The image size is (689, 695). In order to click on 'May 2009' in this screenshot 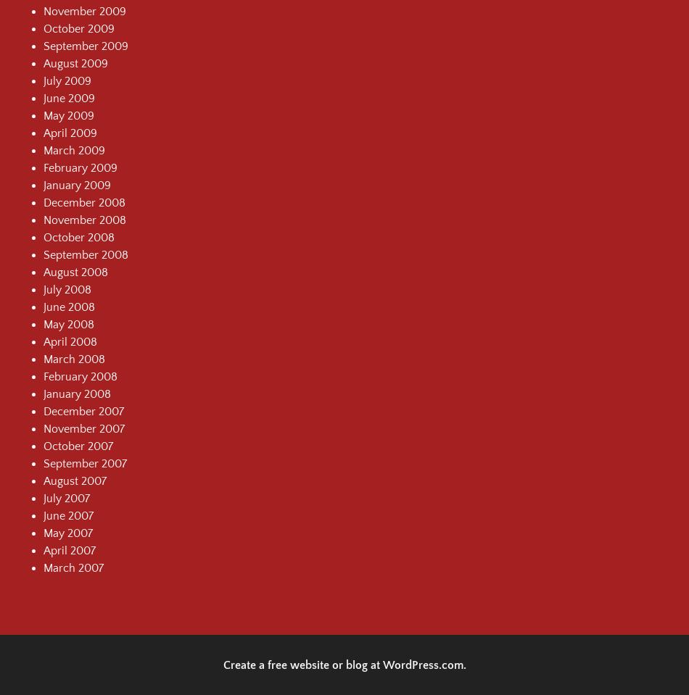, I will do `click(69, 115)`.